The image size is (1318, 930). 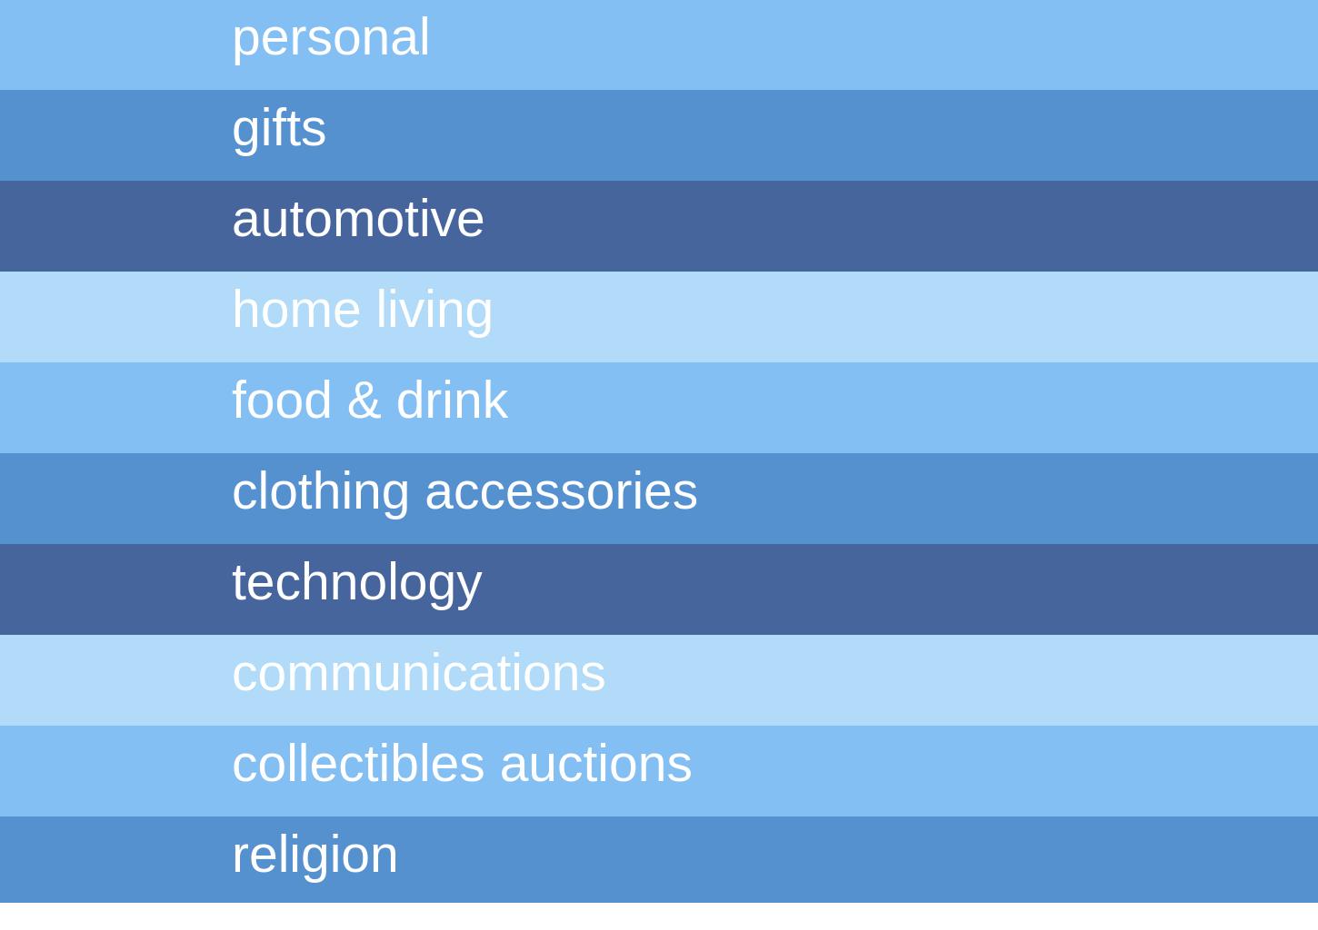 I want to click on 'food & drink', so click(x=232, y=400).